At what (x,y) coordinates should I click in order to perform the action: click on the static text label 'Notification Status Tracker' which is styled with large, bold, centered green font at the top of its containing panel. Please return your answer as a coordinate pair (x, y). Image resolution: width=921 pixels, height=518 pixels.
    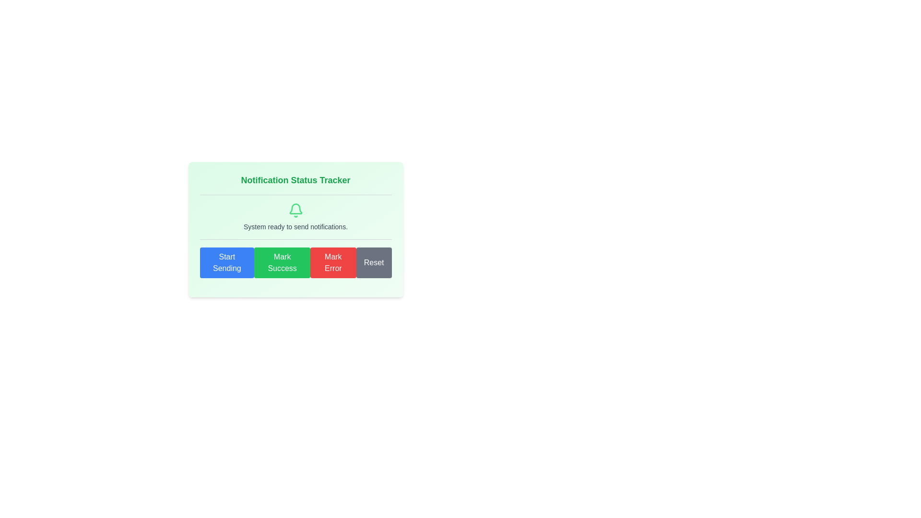
    Looking at the image, I should click on (295, 180).